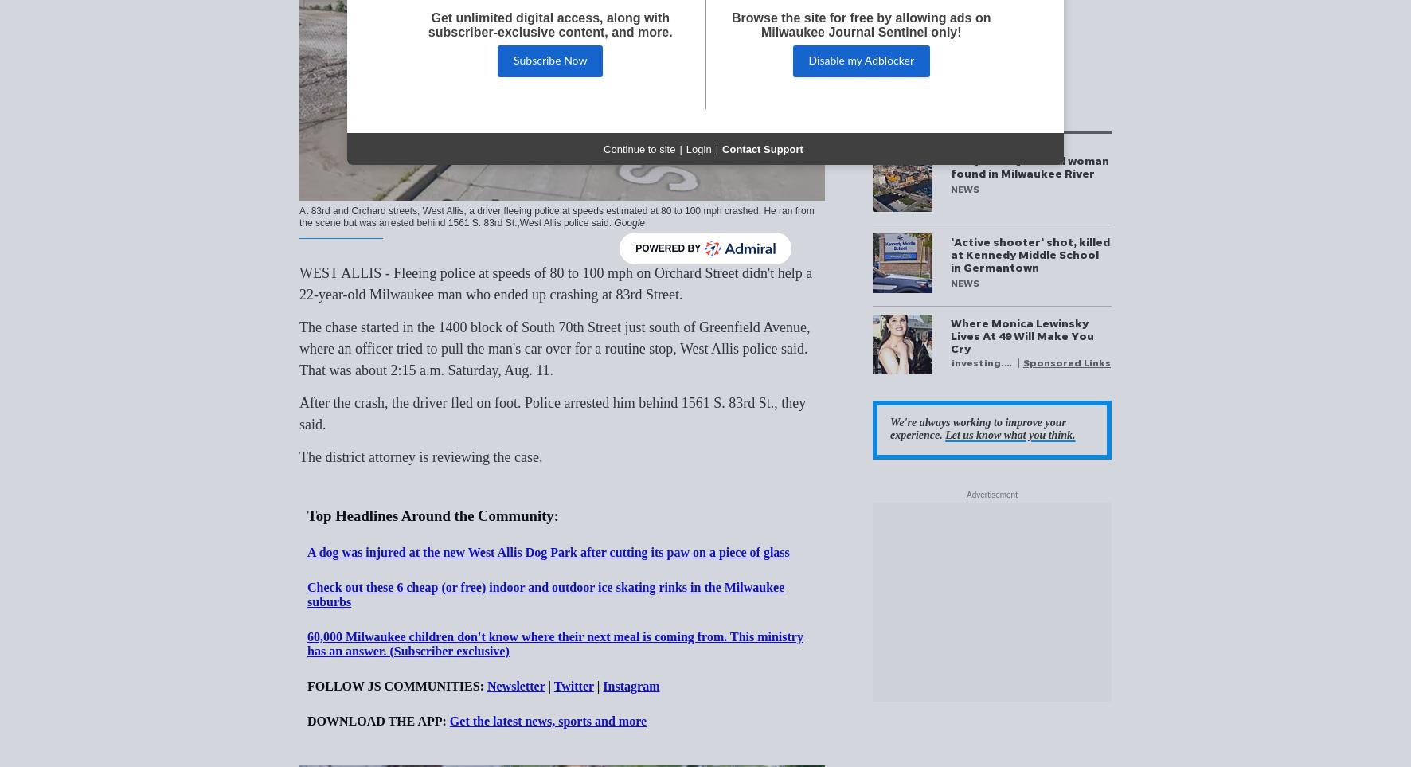 The width and height of the screenshot is (1411, 767). Describe the element at coordinates (668, 248) in the screenshot. I see `'Powered By'` at that location.